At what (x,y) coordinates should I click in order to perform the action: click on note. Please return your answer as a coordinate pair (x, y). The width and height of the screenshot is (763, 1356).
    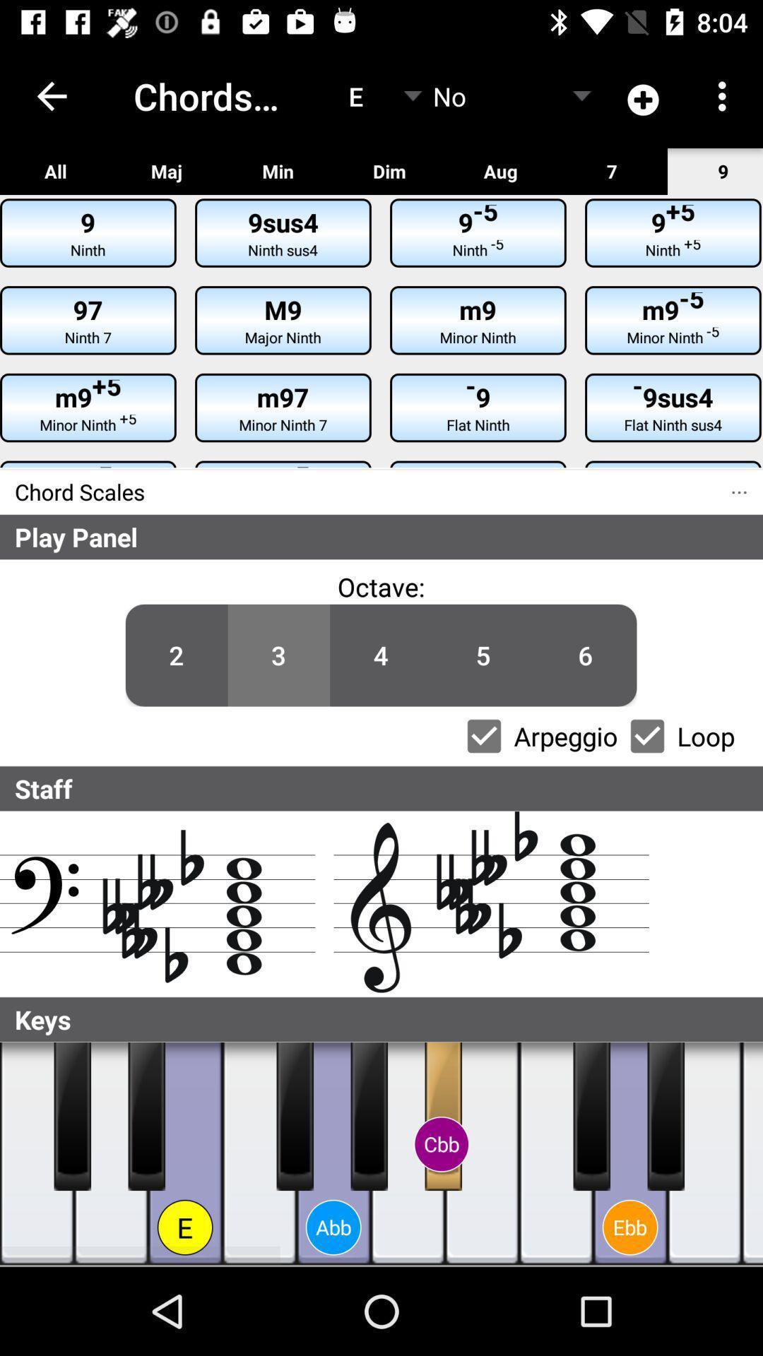
    Looking at the image, I should click on (442, 1115).